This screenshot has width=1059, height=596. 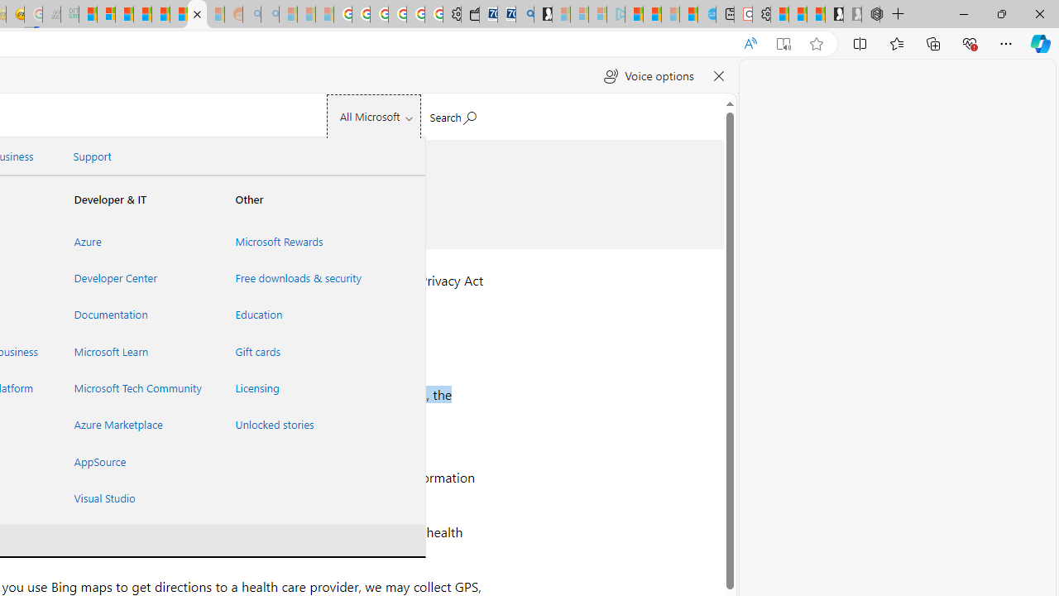 What do you see at coordinates (295, 277) in the screenshot?
I see `'Free downloads & security'` at bounding box center [295, 277].